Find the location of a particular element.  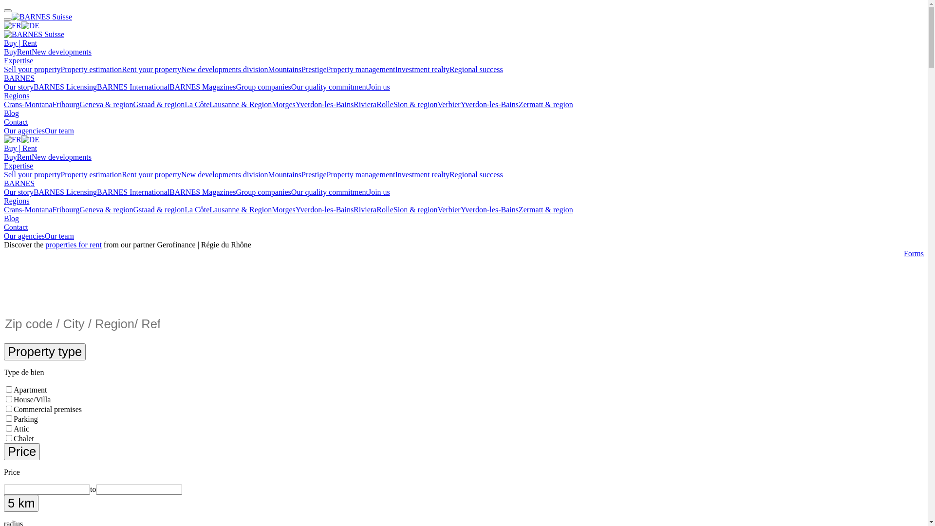

'Regional success' is located at coordinates (449, 69).